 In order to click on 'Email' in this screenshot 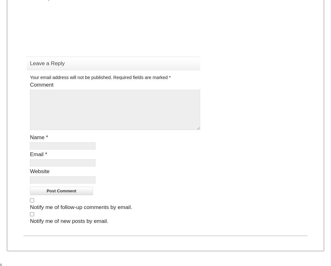, I will do `click(37, 154)`.